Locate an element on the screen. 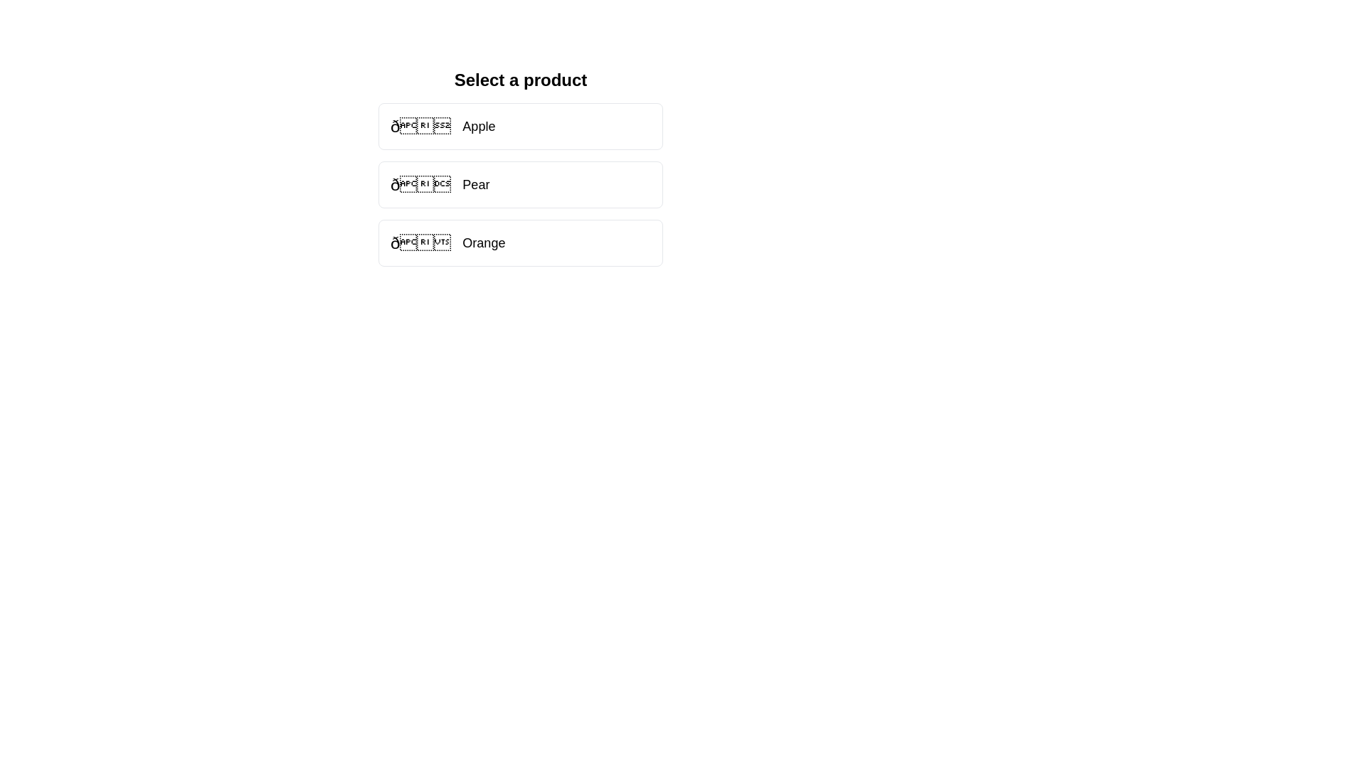 Image resolution: width=1366 pixels, height=768 pixels. label displaying the word 'Apple' which is a medium-sized bold text aligned horizontally and located to the right of the apple emoji in the first entry of the vertical product list is located at coordinates (479, 125).